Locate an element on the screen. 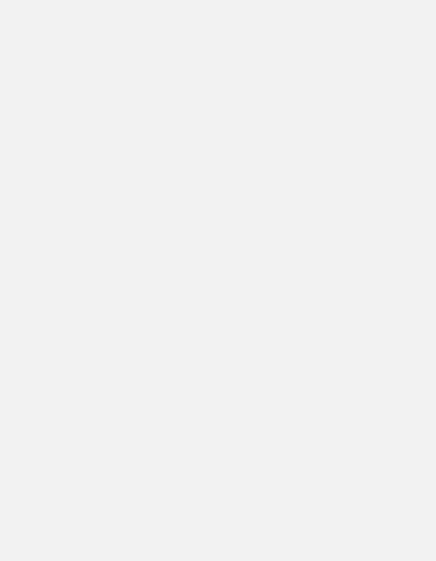 The width and height of the screenshot is (436, 561). 'Arsenal U23 live scored' is located at coordinates (130, 31).